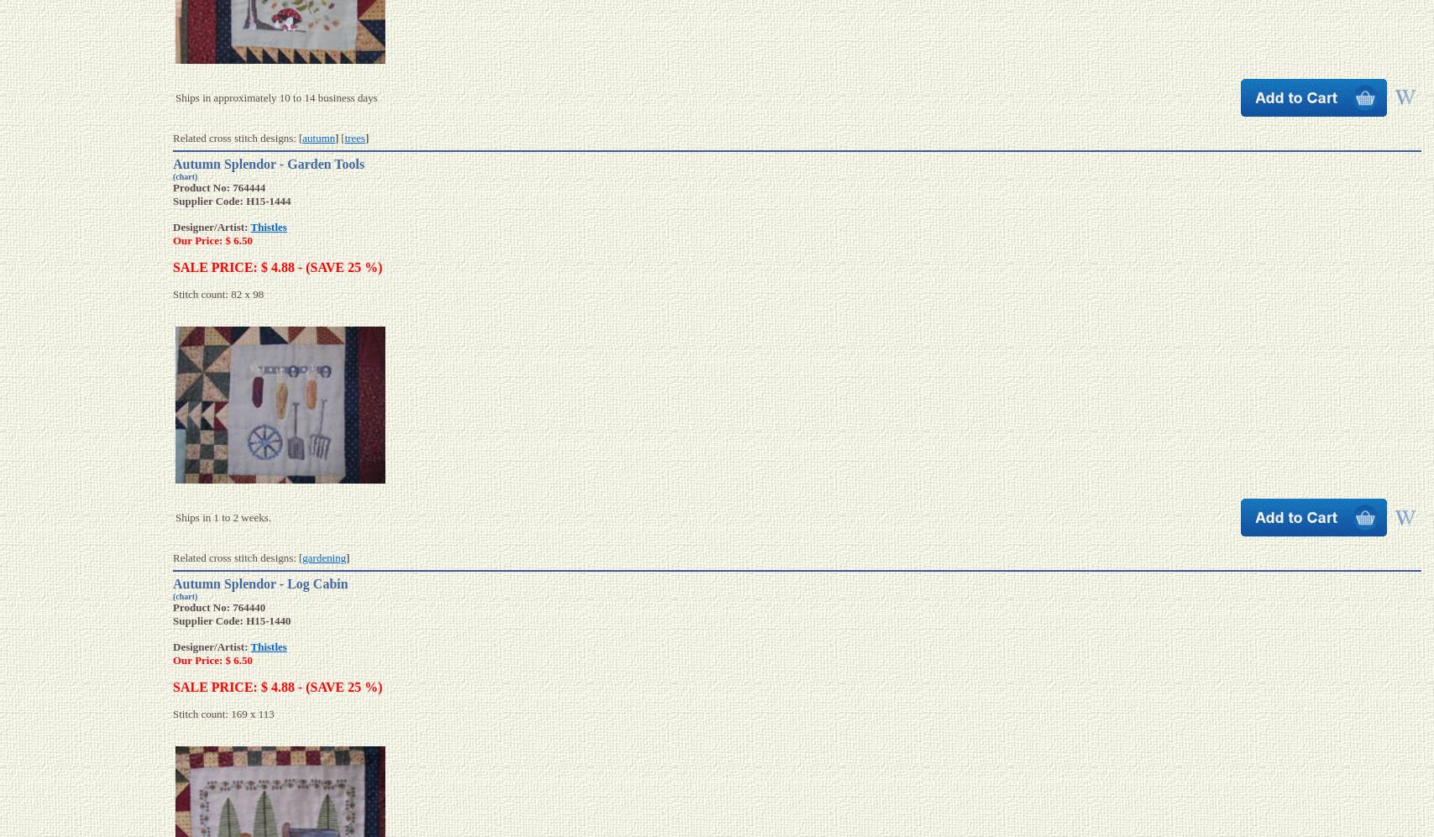 Image resolution: width=1434 pixels, height=837 pixels. I want to click on 'trees', so click(354, 136).